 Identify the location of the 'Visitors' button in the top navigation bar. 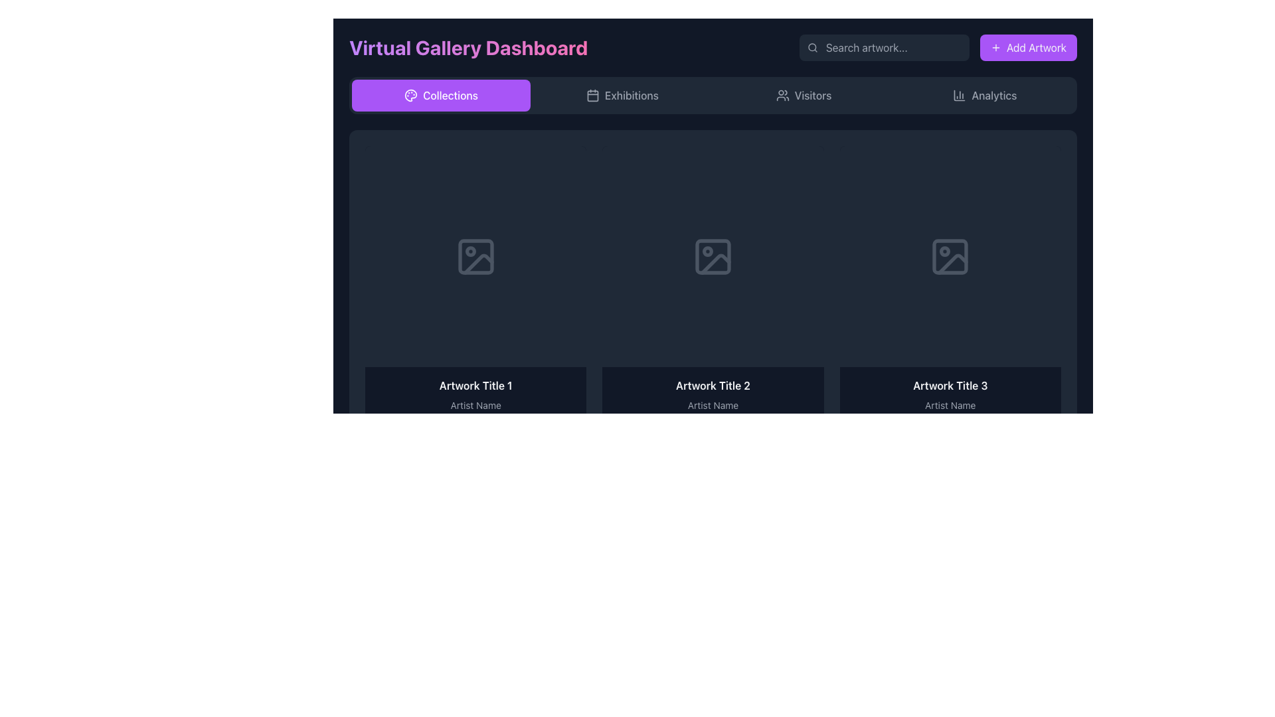
(803, 94).